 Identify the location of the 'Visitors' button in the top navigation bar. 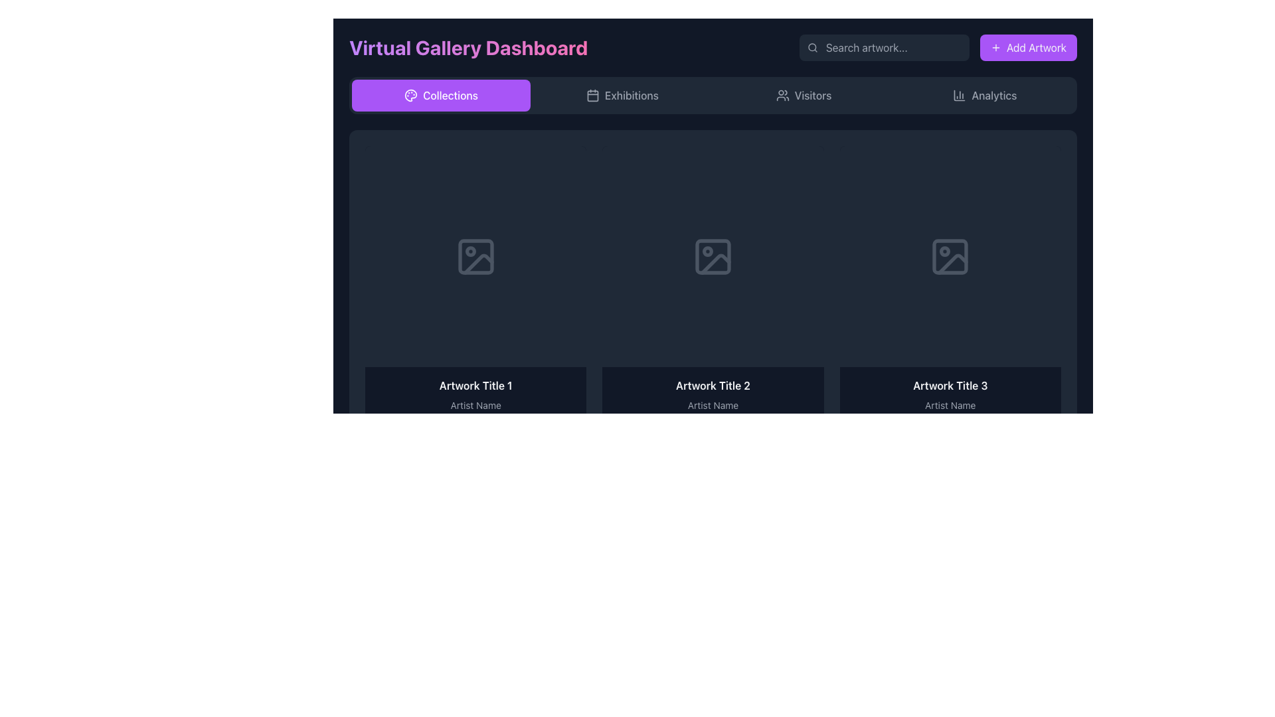
(803, 94).